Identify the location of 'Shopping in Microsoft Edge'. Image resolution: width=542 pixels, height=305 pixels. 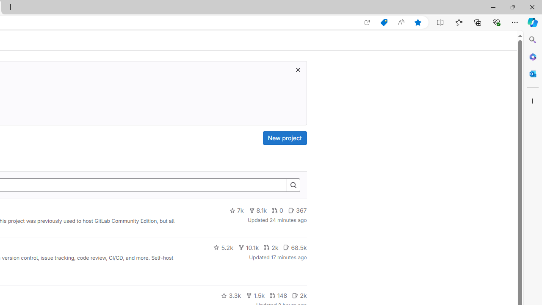
(383, 22).